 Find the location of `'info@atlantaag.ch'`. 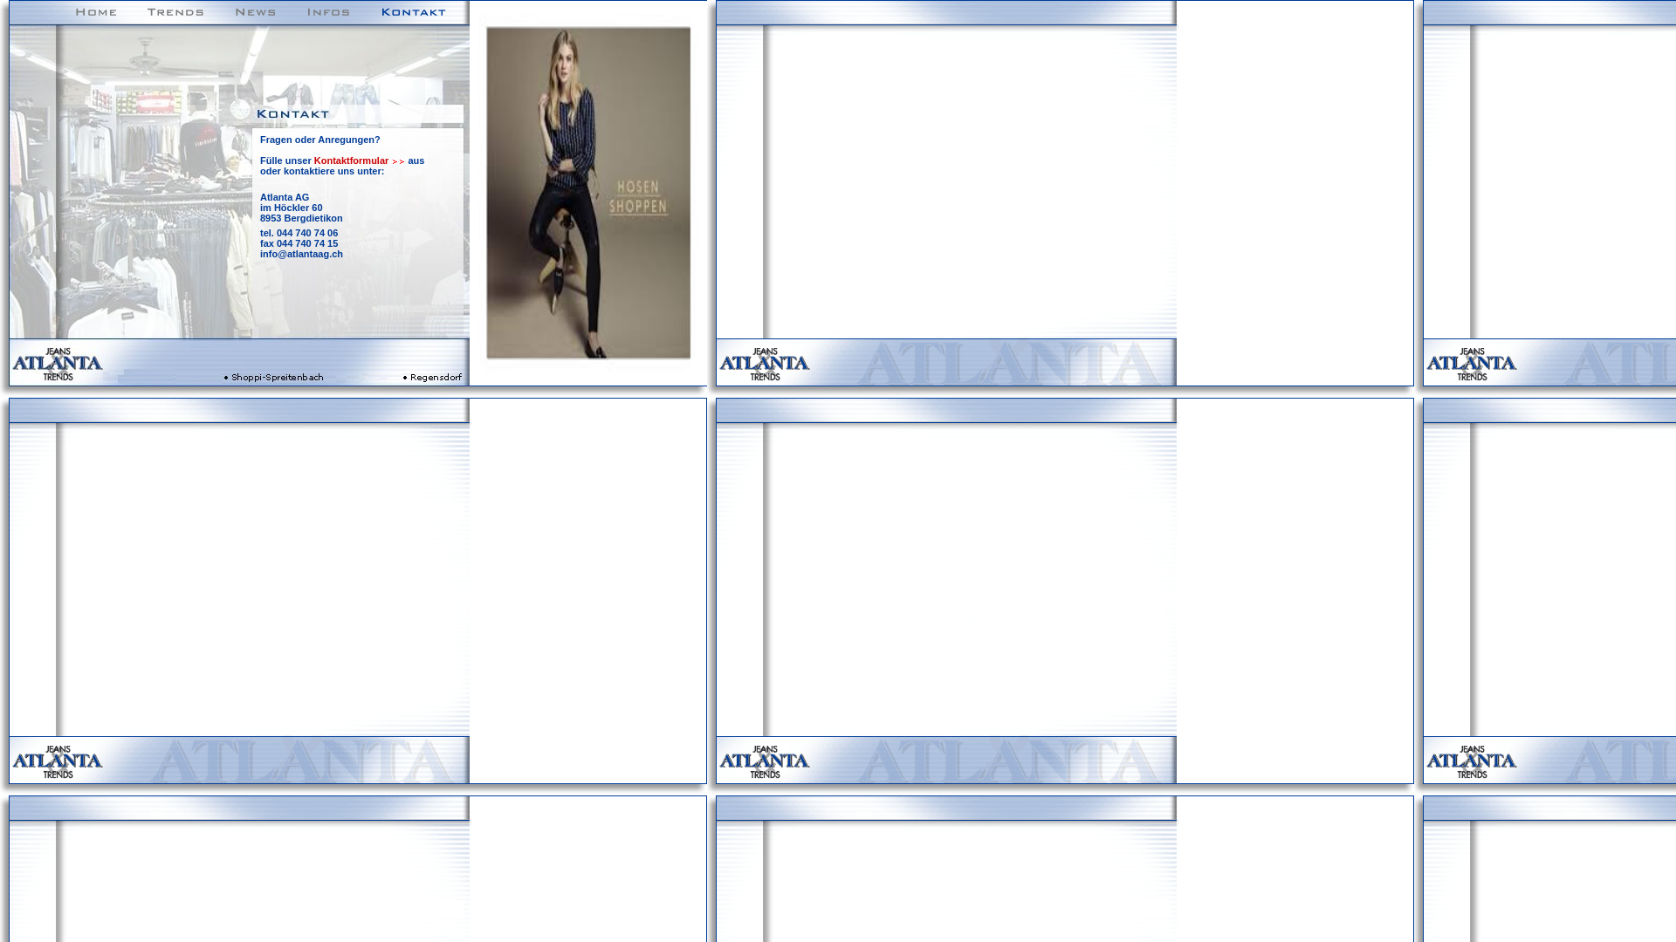

'info@atlantaag.ch' is located at coordinates (301, 253).